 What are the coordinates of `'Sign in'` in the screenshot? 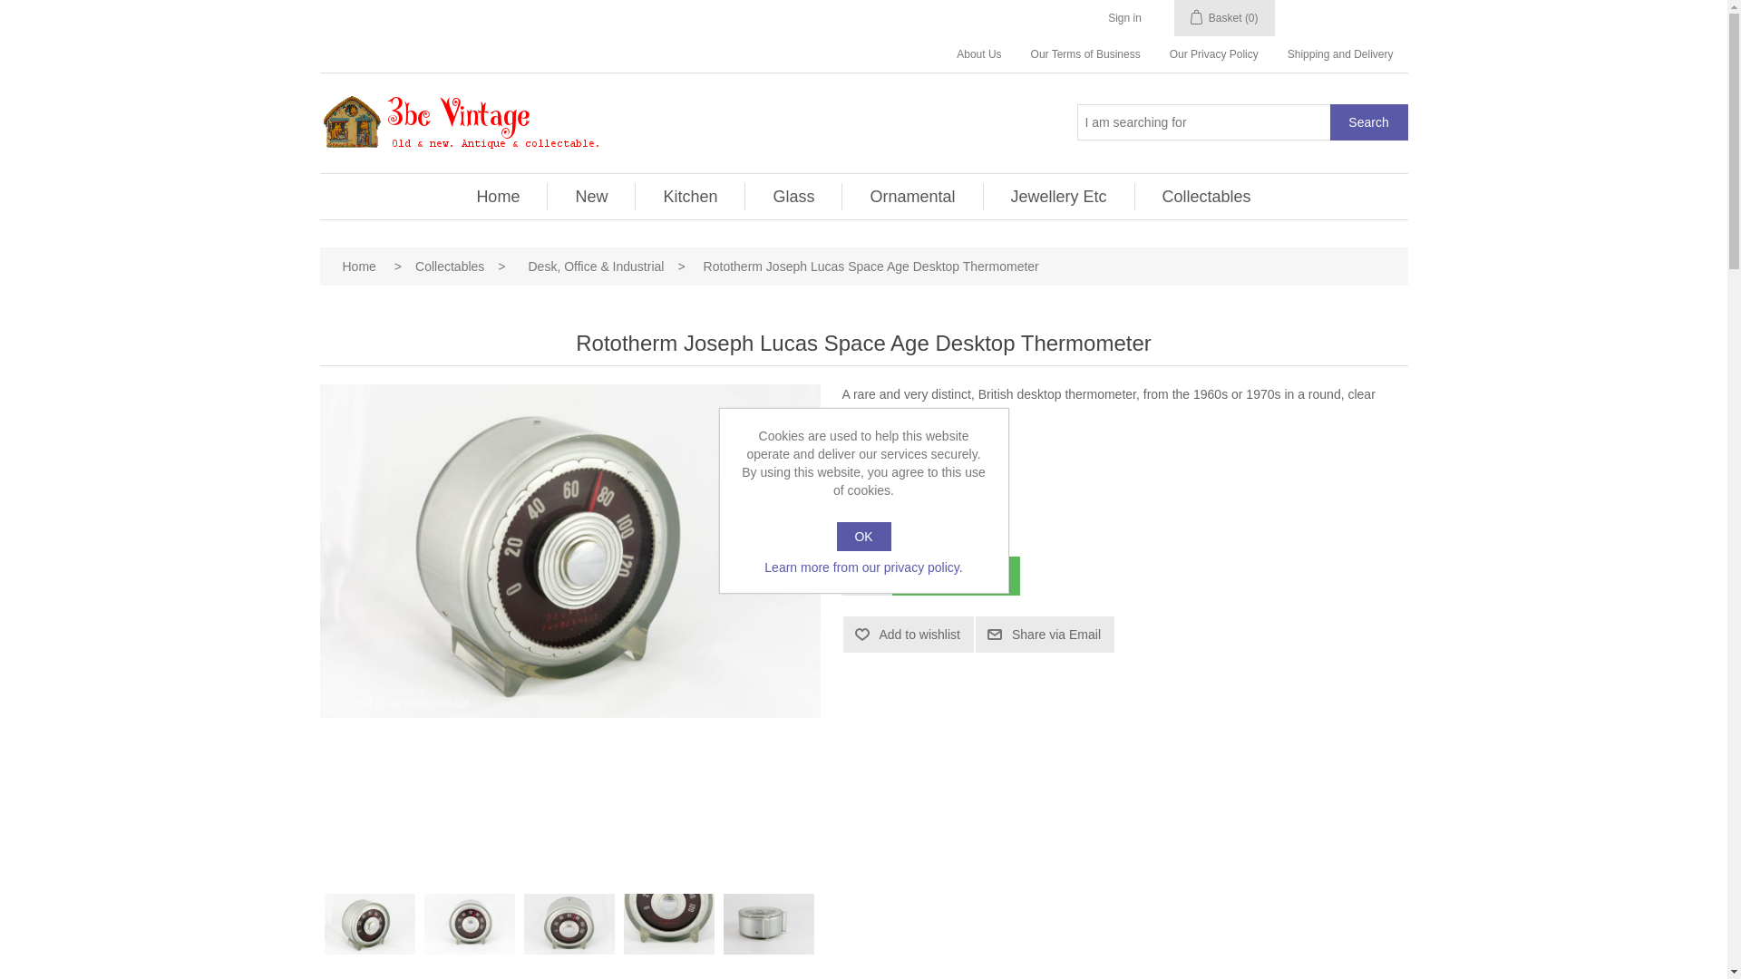 It's located at (1123, 17).